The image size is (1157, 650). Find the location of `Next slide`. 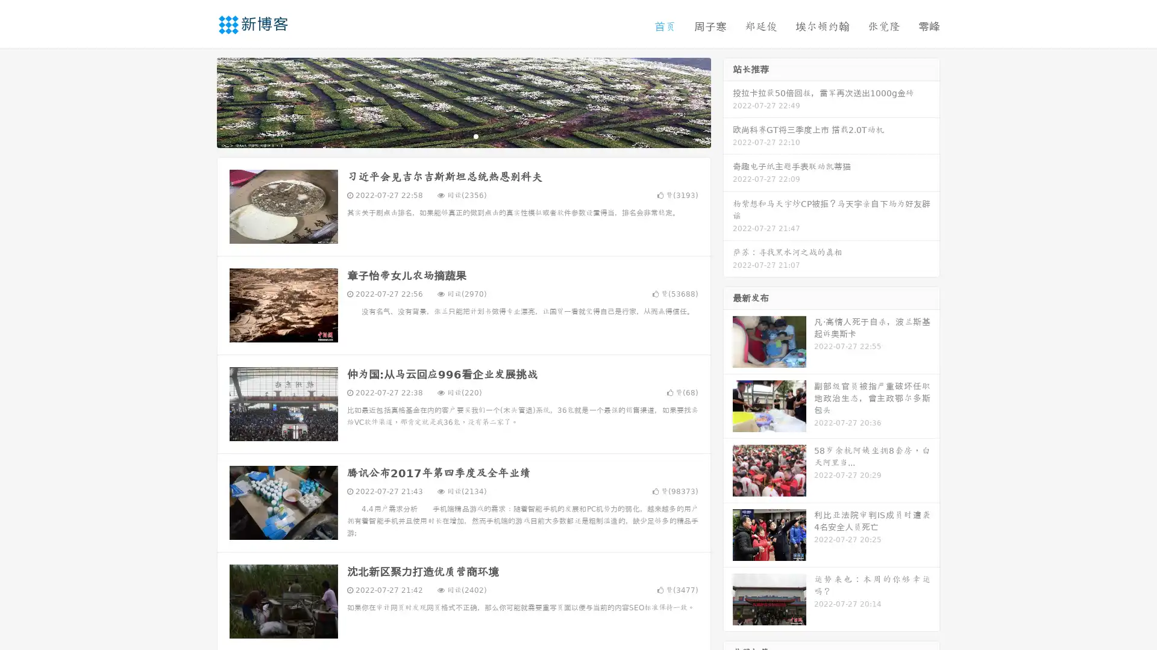

Next slide is located at coordinates (728, 101).